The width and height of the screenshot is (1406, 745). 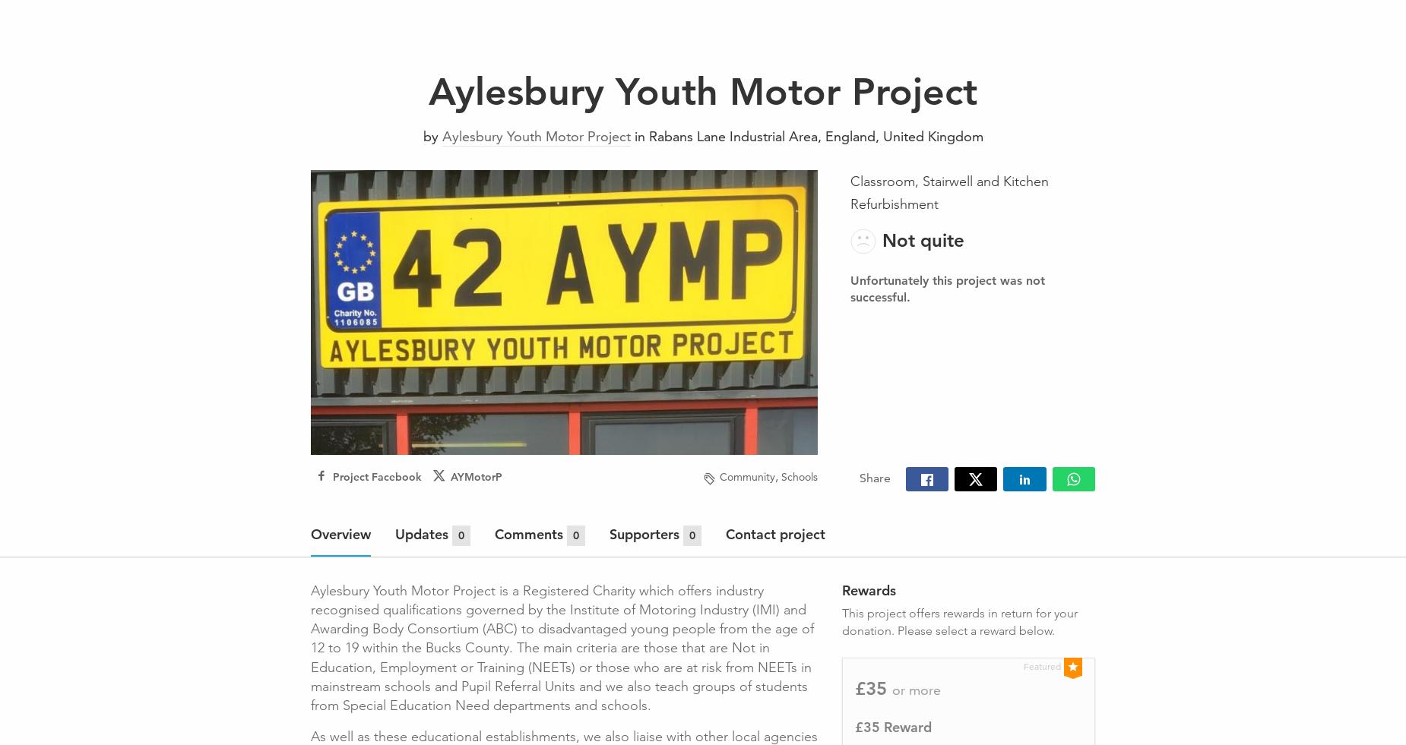 What do you see at coordinates (1041, 665) in the screenshot?
I see `'Featured'` at bounding box center [1041, 665].